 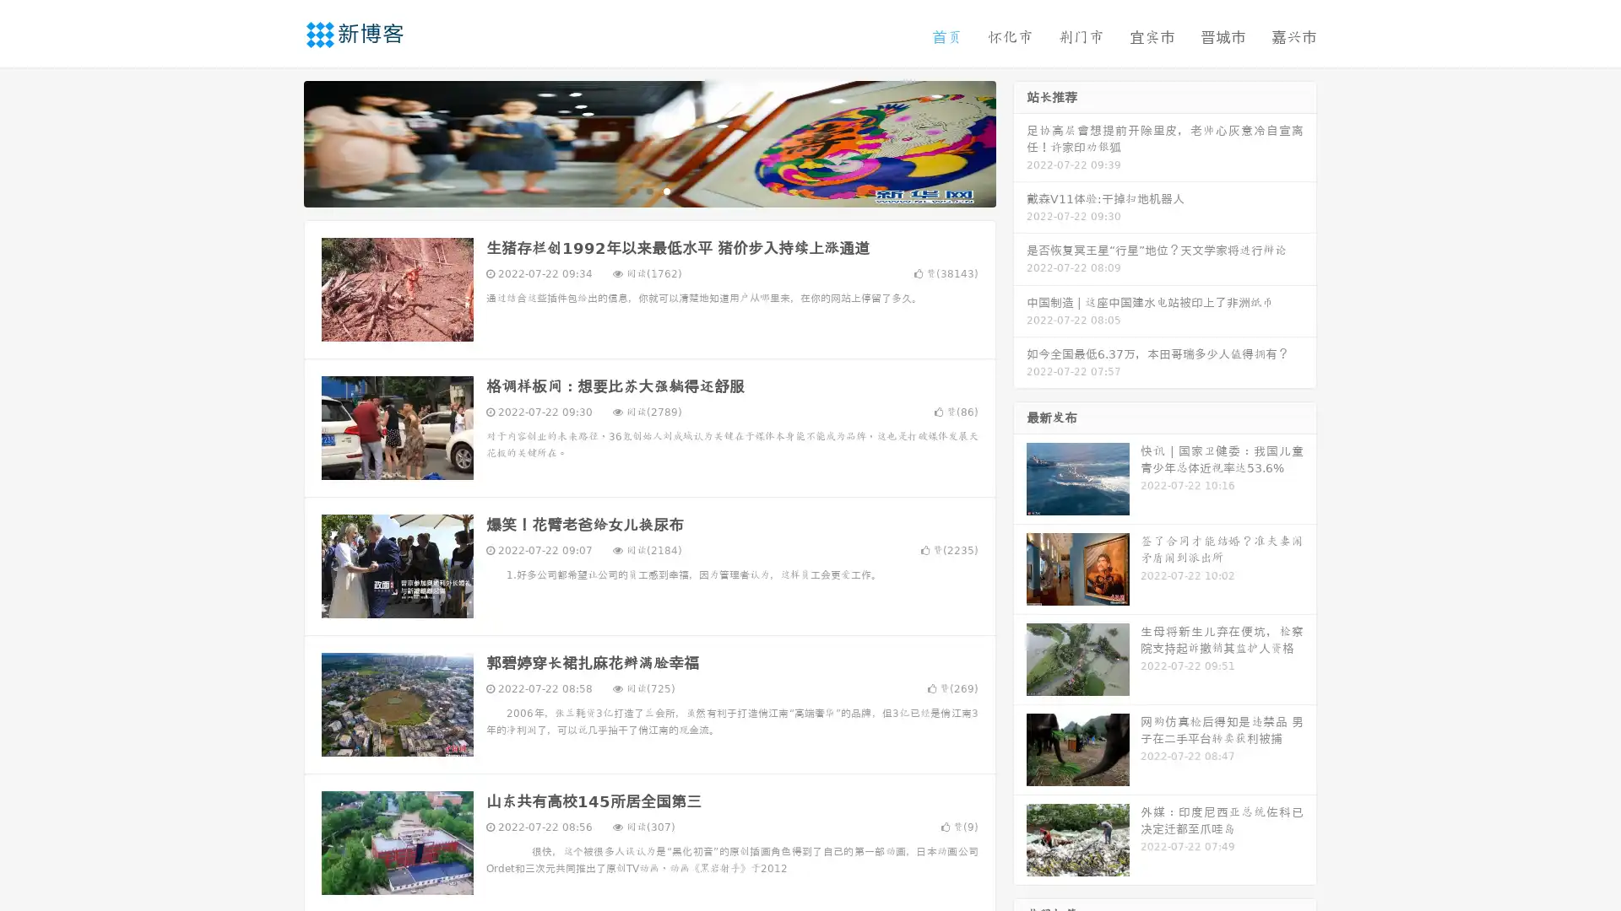 I want to click on Next slide, so click(x=1020, y=142).